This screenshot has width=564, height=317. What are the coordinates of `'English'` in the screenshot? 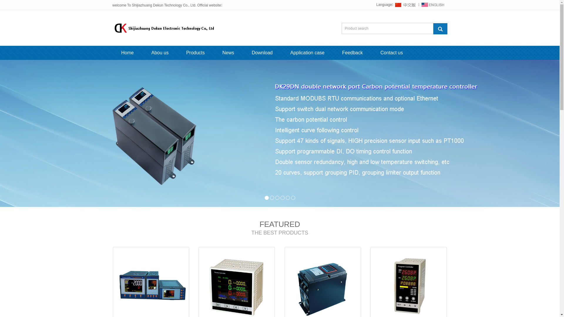 It's located at (421, 4).